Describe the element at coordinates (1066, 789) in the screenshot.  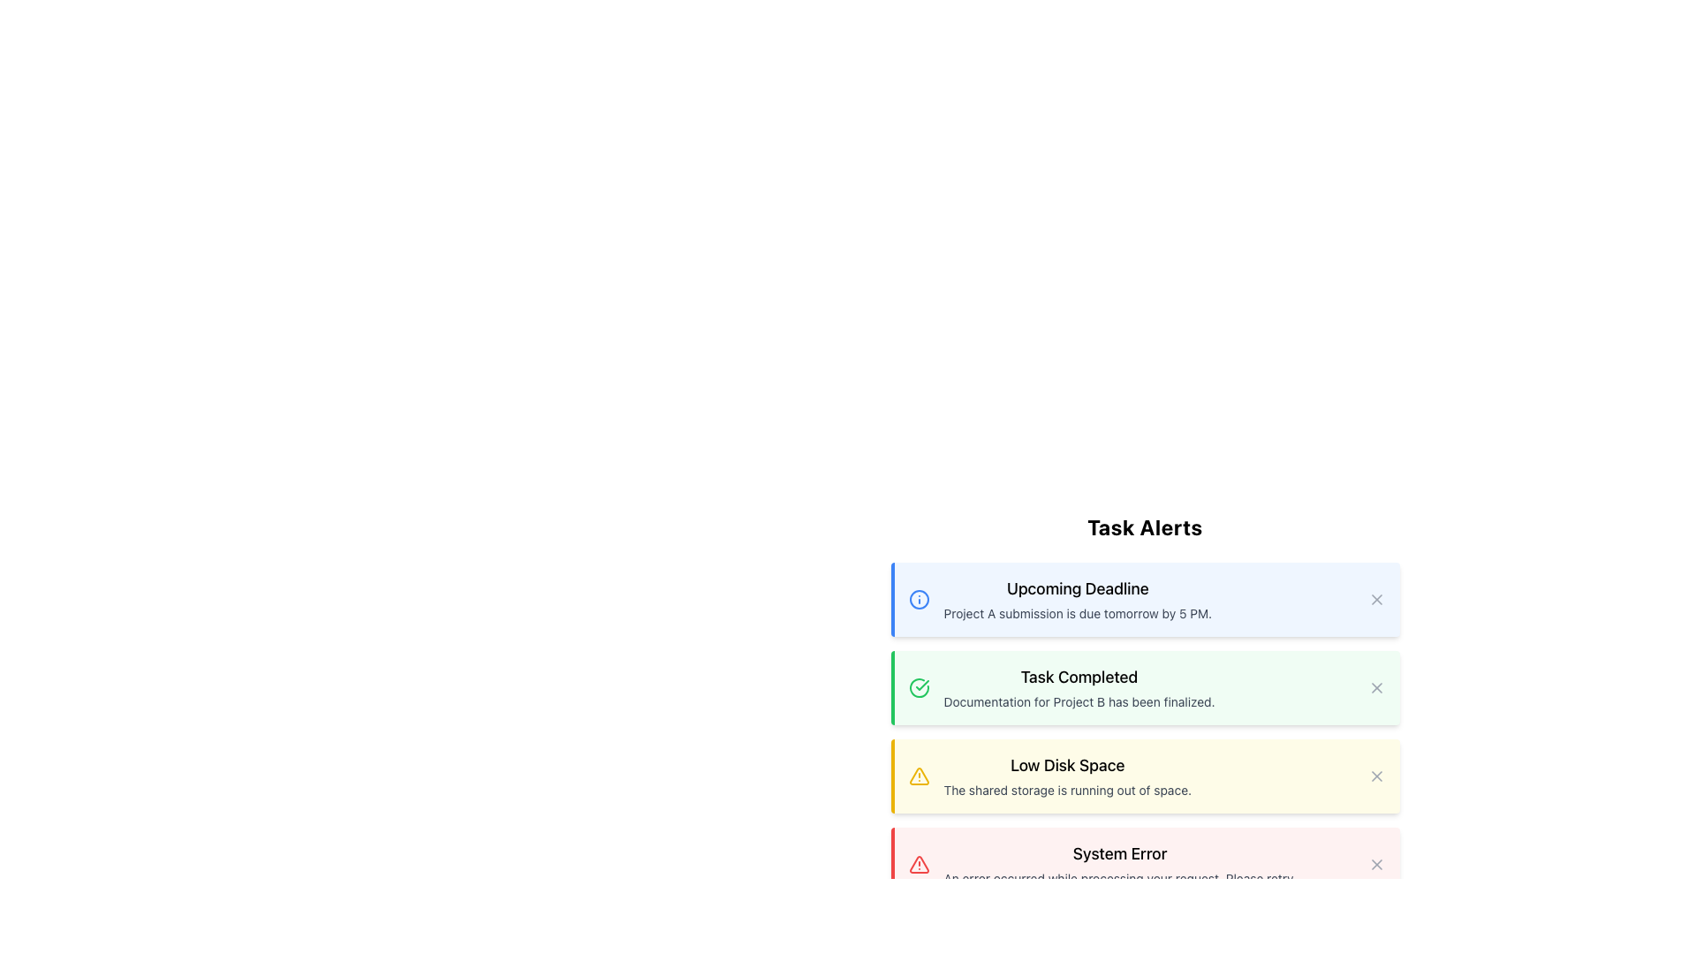
I see `the text label that describes the warning about low disk space, located below the main title 'Low Disk Space' within a yellow-highlighted warning box` at that location.